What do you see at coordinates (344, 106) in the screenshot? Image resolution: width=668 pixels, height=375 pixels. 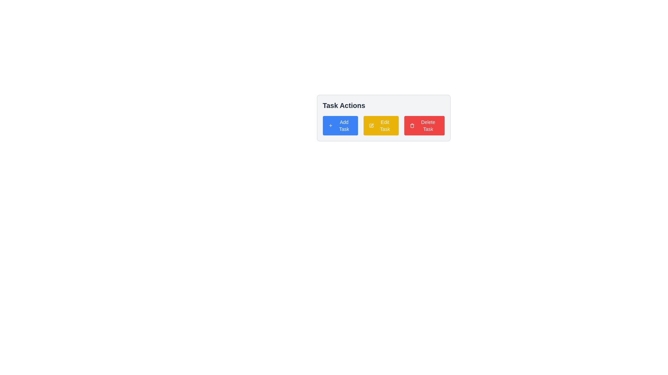 I see `text from the Label or Heading that indicates the purpose of the group of related actions for 'Add Task', 'Edit Task', and 'Delete Task'` at bounding box center [344, 106].